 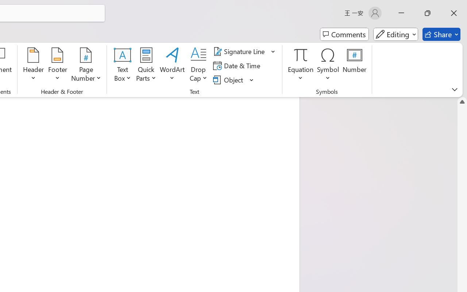 I want to click on 'Date & Time...', so click(x=238, y=65).